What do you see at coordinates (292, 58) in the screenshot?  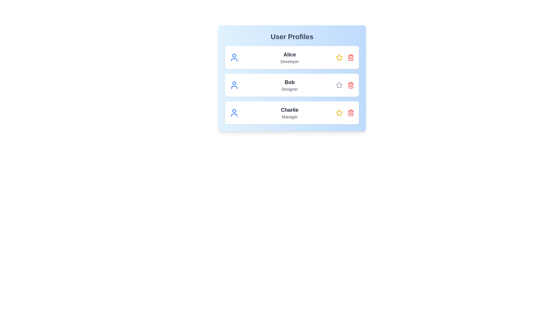 I see `the profile card of Alice to observe the hover effect` at bounding box center [292, 58].